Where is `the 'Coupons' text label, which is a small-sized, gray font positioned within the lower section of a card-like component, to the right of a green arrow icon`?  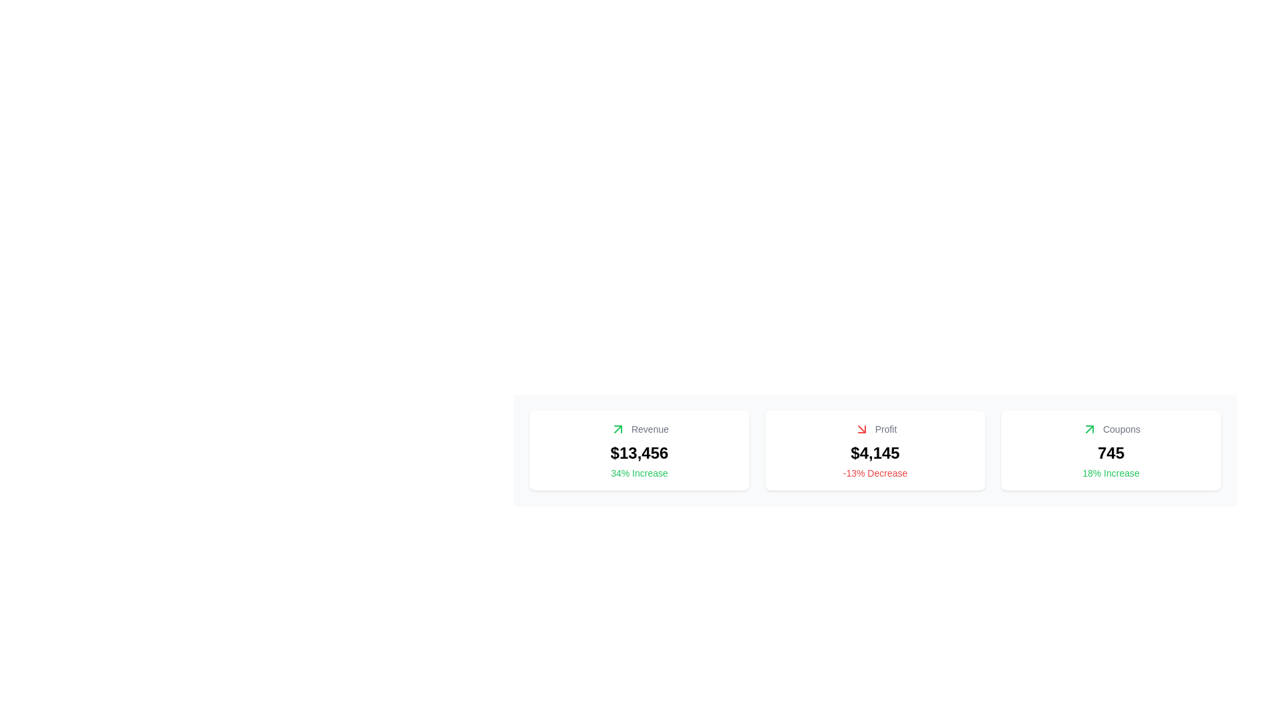
the 'Coupons' text label, which is a small-sized, gray font positioned within the lower section of a card-like component, to the right of a green arrow icon is located at coordinates (1121, 429).